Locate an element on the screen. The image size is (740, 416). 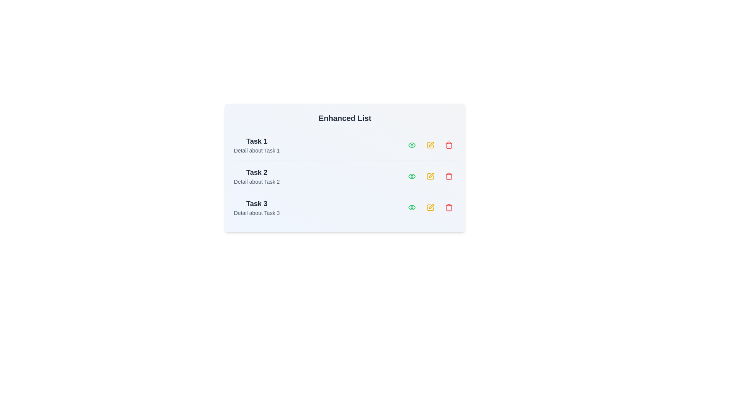
the 'Eye' icon for task 1 to view its details is located at coordinates (412, 145).